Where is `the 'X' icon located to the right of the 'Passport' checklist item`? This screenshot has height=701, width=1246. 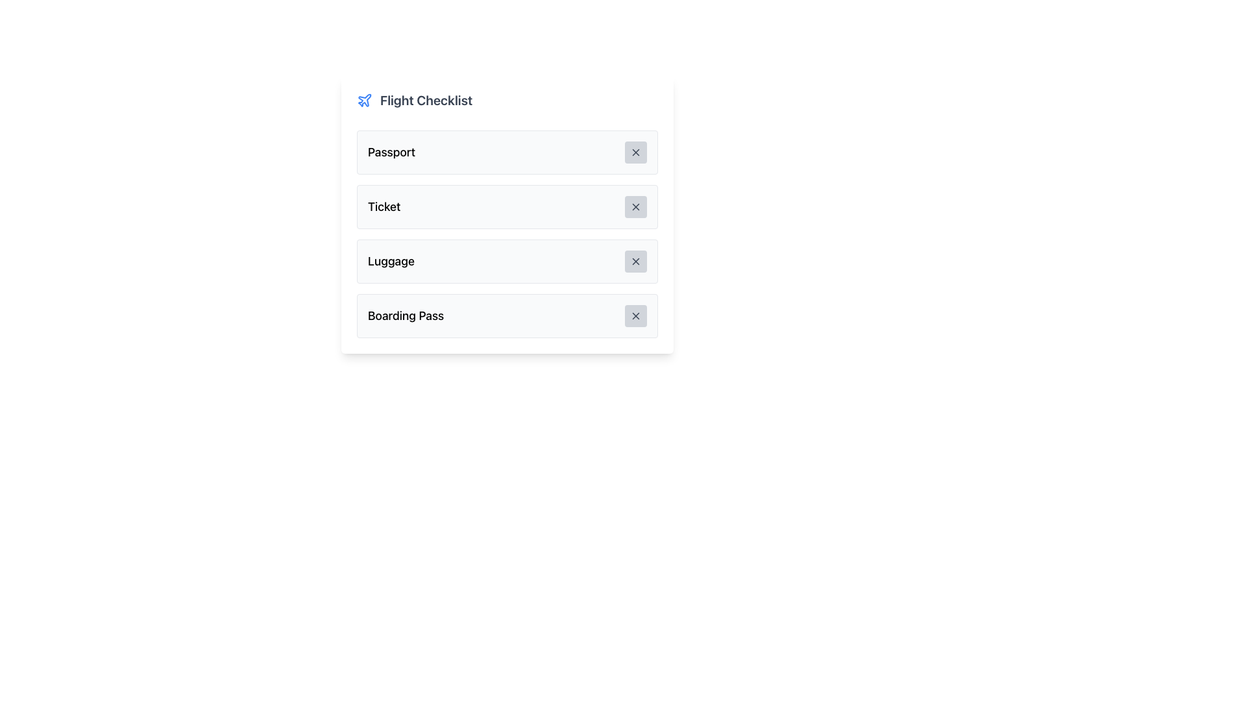 the 'X' icon located to the right of the 'Passport' checklist item is located at coordinates (635, 152).